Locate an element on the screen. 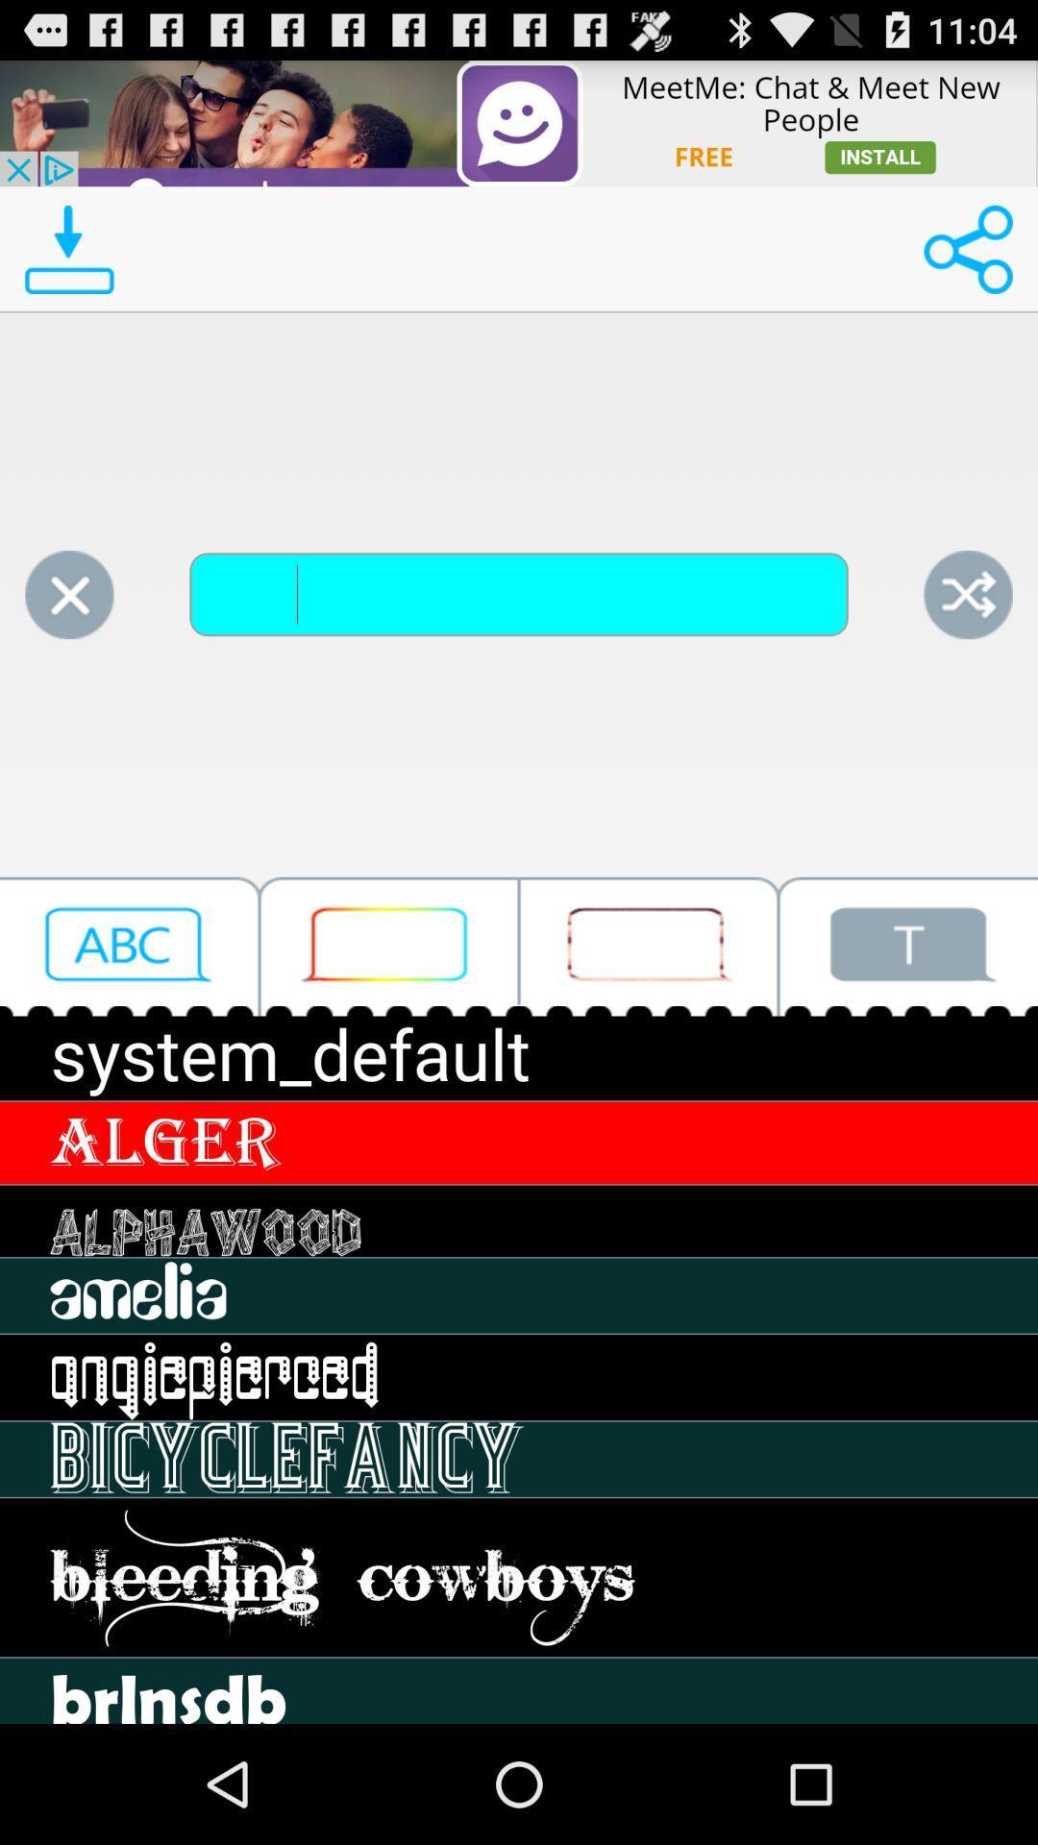 This screenshot has height=1845, width=1038. option is located at coordinates (389, 947).